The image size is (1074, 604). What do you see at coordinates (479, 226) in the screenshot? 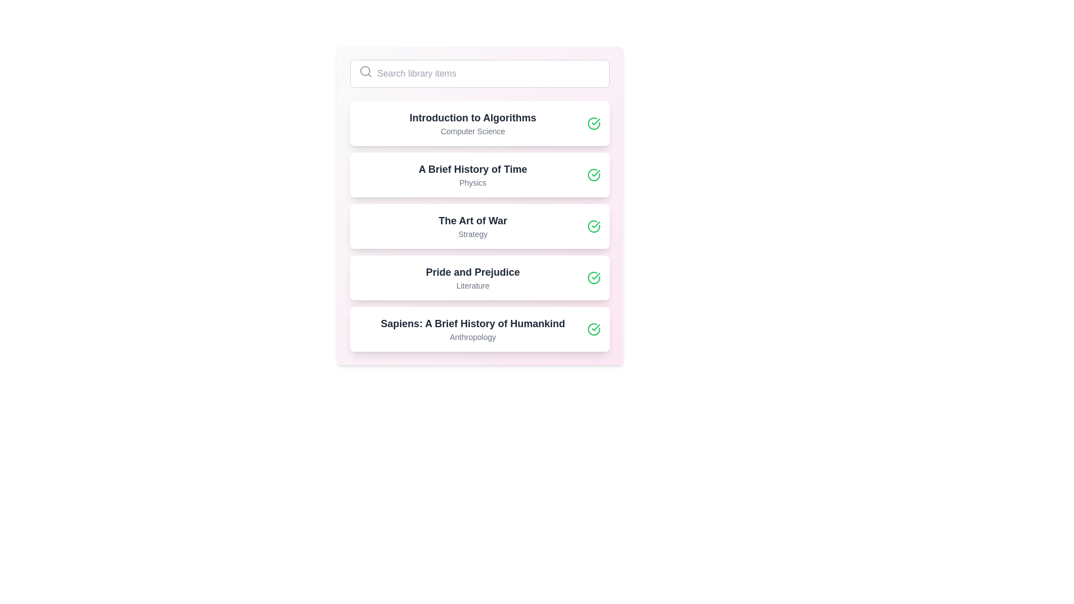
I see `the third card in the vertical list, which displays 'The Art of War' in bold text and has a green checkmark icon on the right` at bounding box center [479, 226].